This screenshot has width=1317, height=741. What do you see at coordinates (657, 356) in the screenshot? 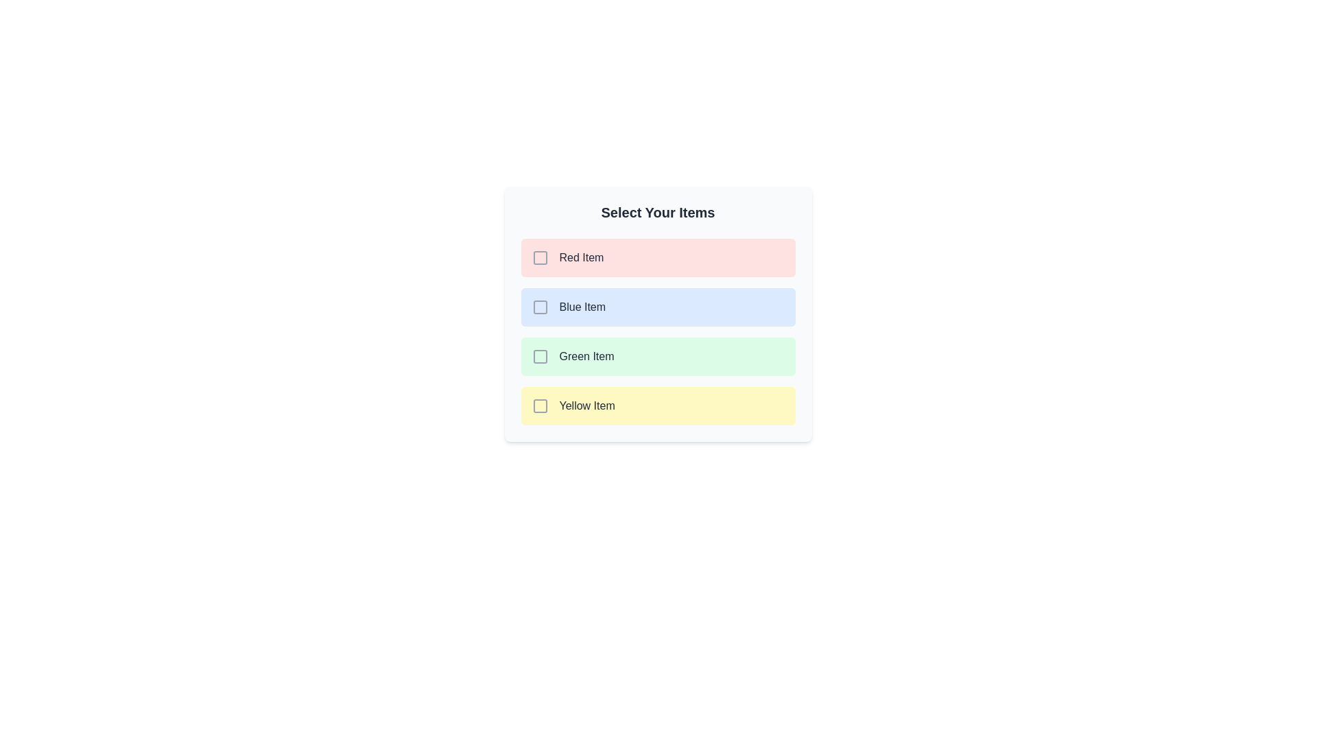
I see `the item Green Item to observe its hover effect` at bounding box center [657, 356].